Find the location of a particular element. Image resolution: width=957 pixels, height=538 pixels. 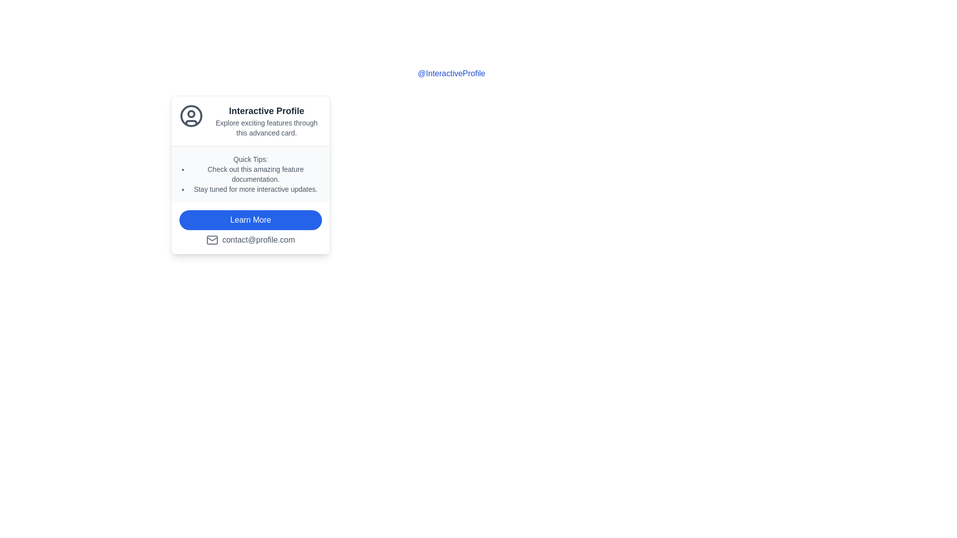

the light gray rectangular icon with rounded corners and a white envelope icon in the center, located near the bottom of the visible card is located at coordinates (211, 240).